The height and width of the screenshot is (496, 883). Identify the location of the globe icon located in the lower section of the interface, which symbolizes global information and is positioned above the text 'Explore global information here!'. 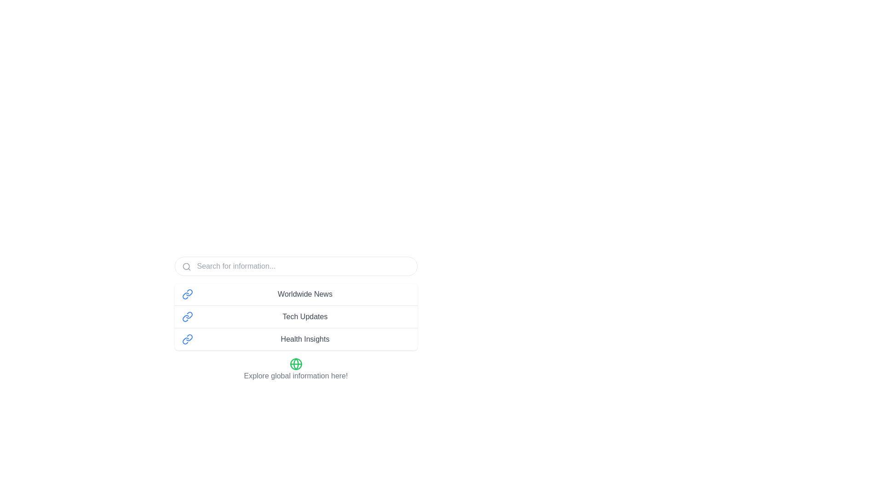
(296, 364).